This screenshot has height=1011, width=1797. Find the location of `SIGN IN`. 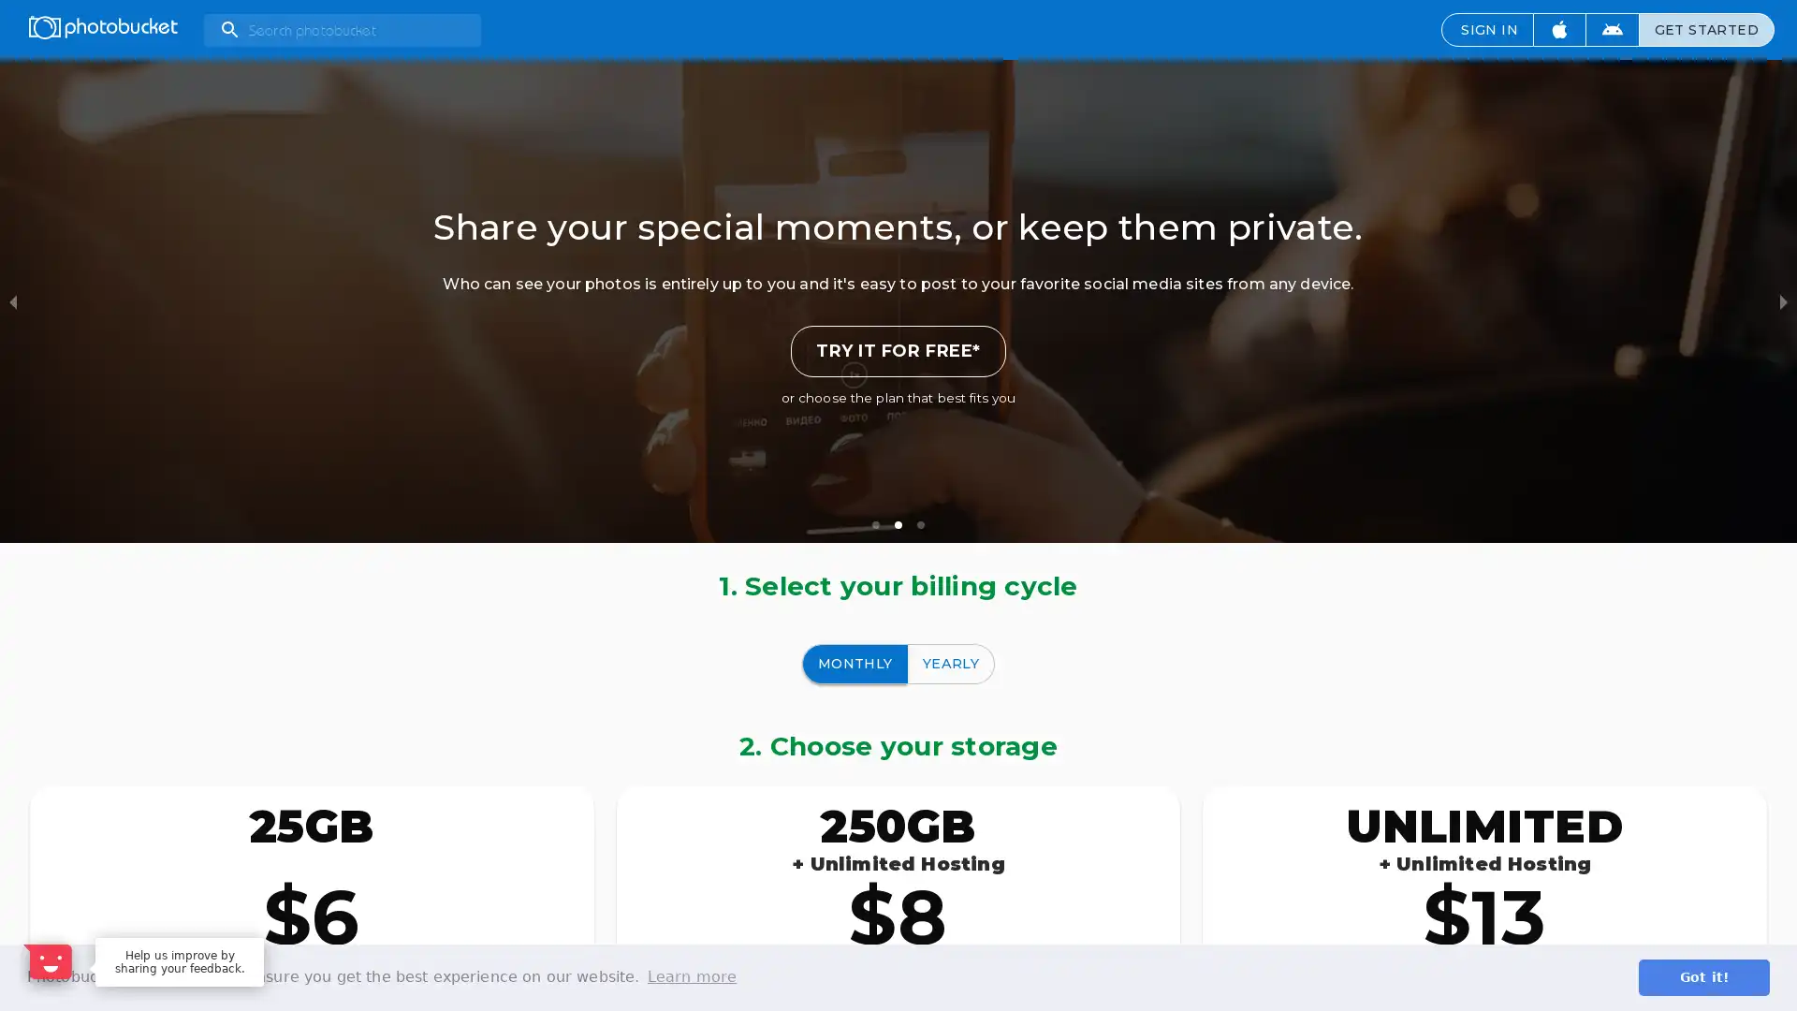

SIGN IN is located at coordinates (1485, 29).